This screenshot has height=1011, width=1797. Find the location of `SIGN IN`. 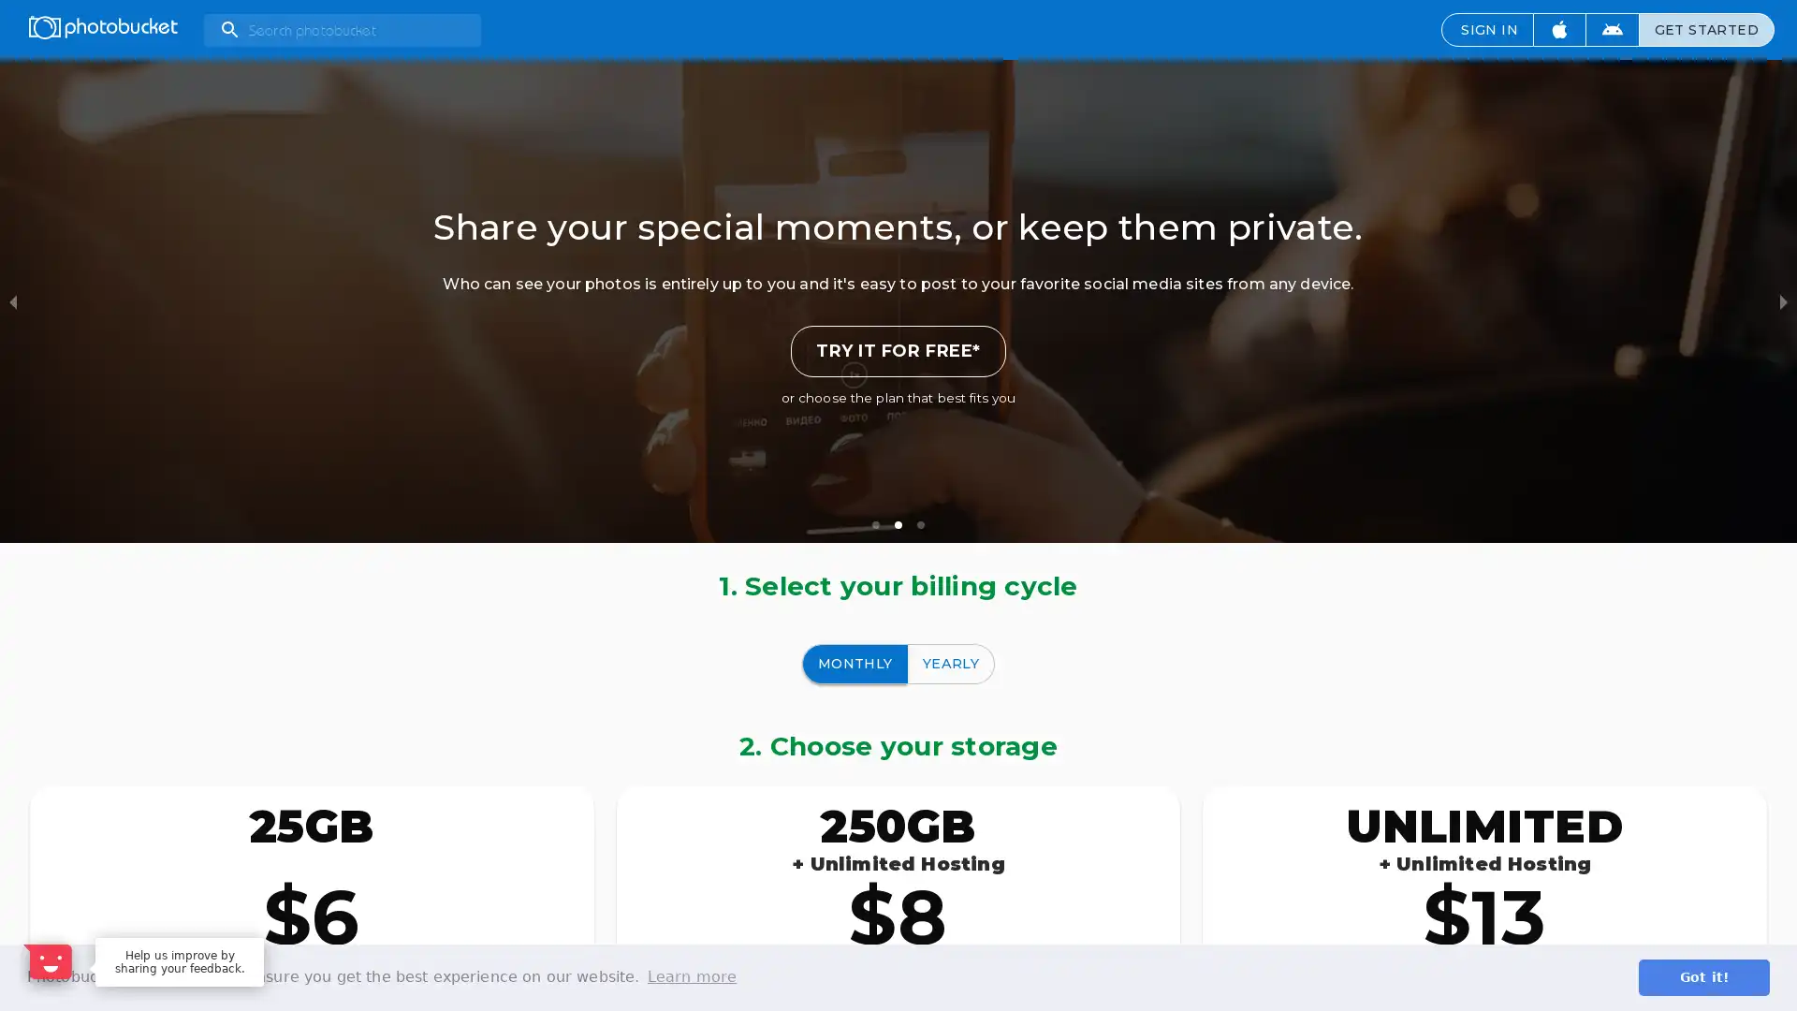

SIGN IN is located at coordinates (1485, 29).